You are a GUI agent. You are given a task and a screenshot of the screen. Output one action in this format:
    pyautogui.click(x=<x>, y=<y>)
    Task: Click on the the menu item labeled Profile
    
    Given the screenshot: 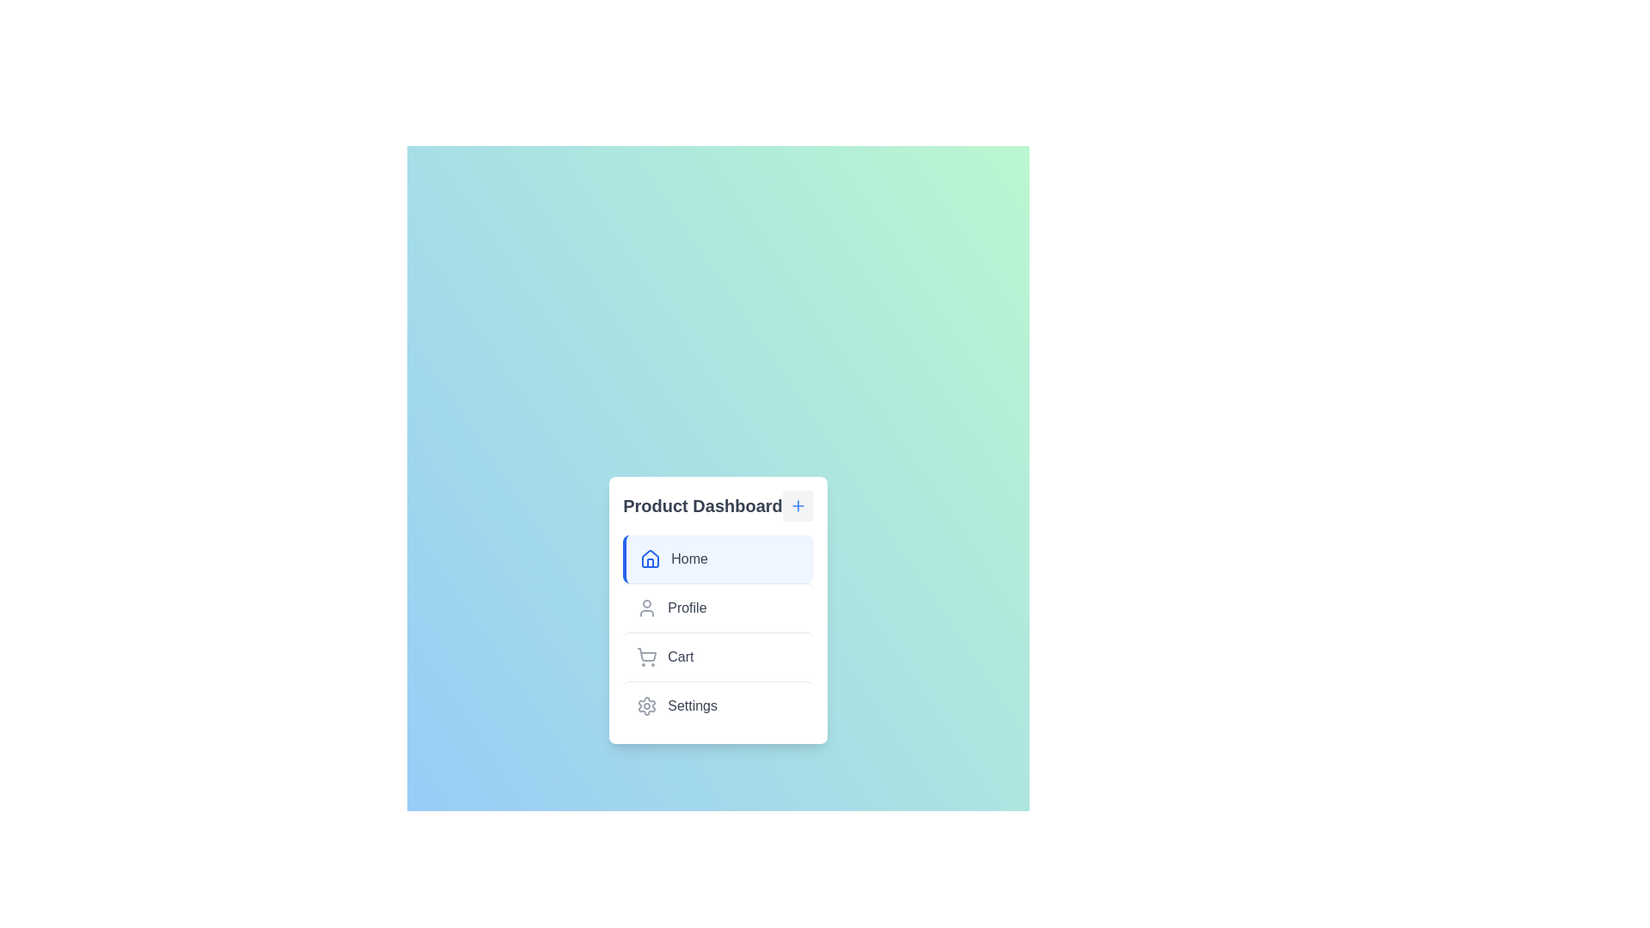 What is the action you would take?
    pyautogui.click(x=718, y=606)
    